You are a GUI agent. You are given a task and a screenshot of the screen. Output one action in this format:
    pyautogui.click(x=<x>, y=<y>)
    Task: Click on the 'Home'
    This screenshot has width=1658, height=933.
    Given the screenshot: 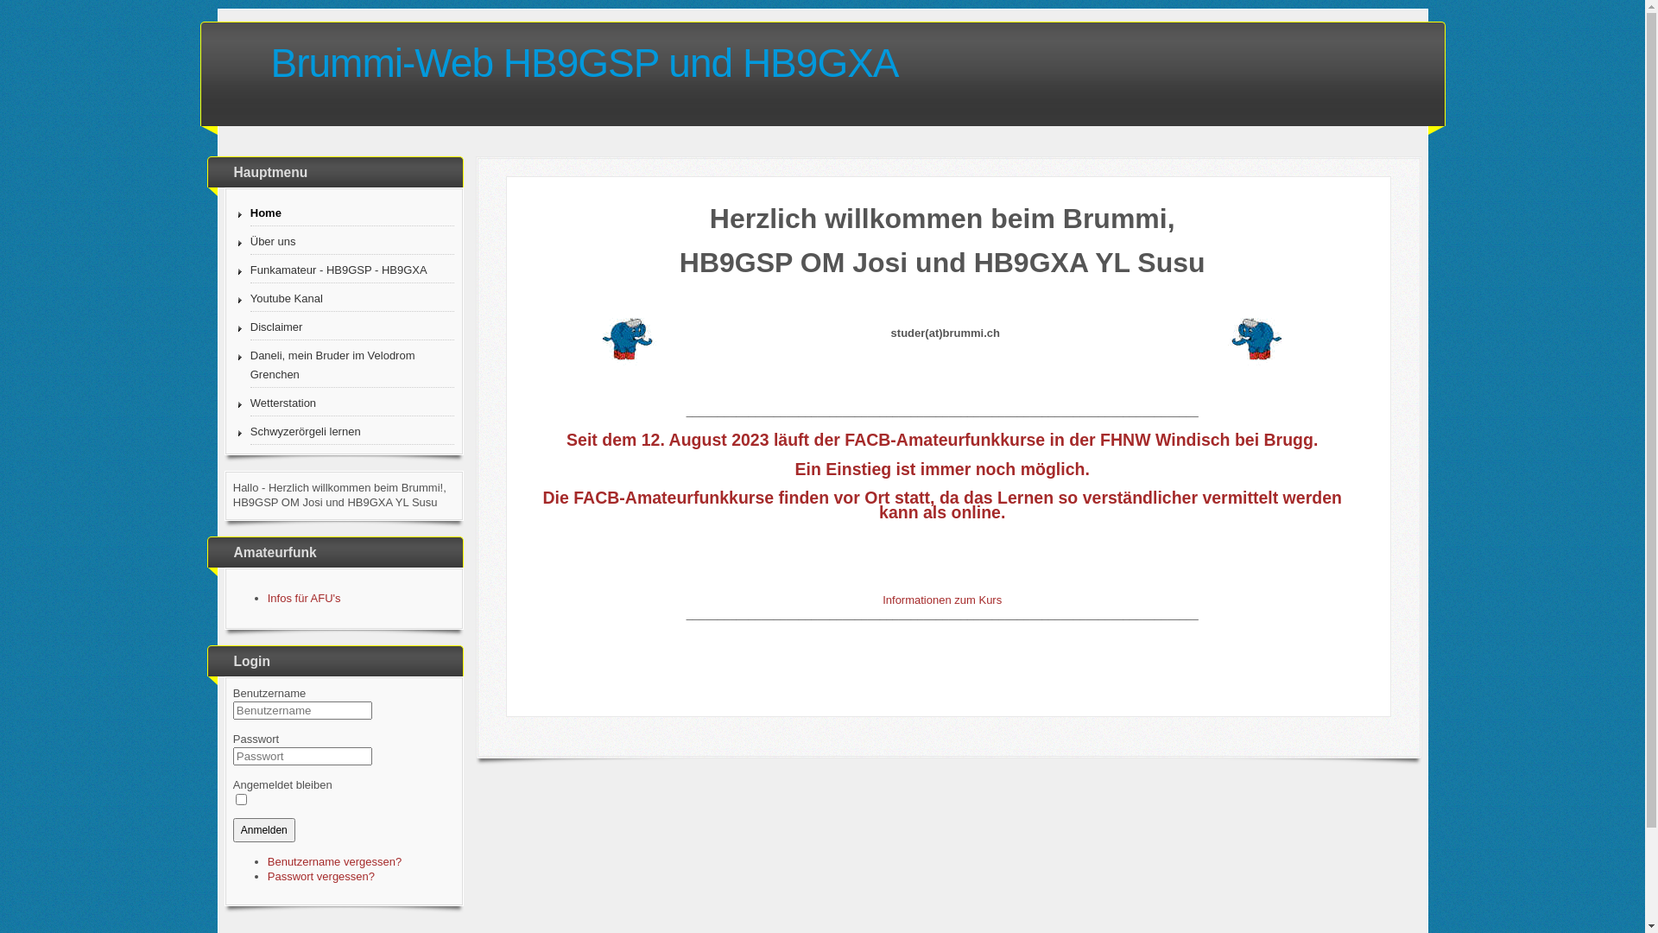 What is the action you would take?
    pyautogui.click(x=249, y=213)
    